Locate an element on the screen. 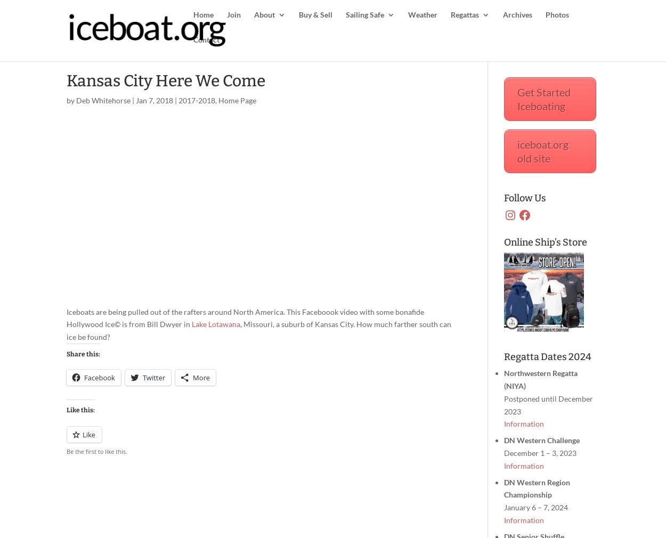  'Jan 7, 2018' is located at coordinates (155, 100).